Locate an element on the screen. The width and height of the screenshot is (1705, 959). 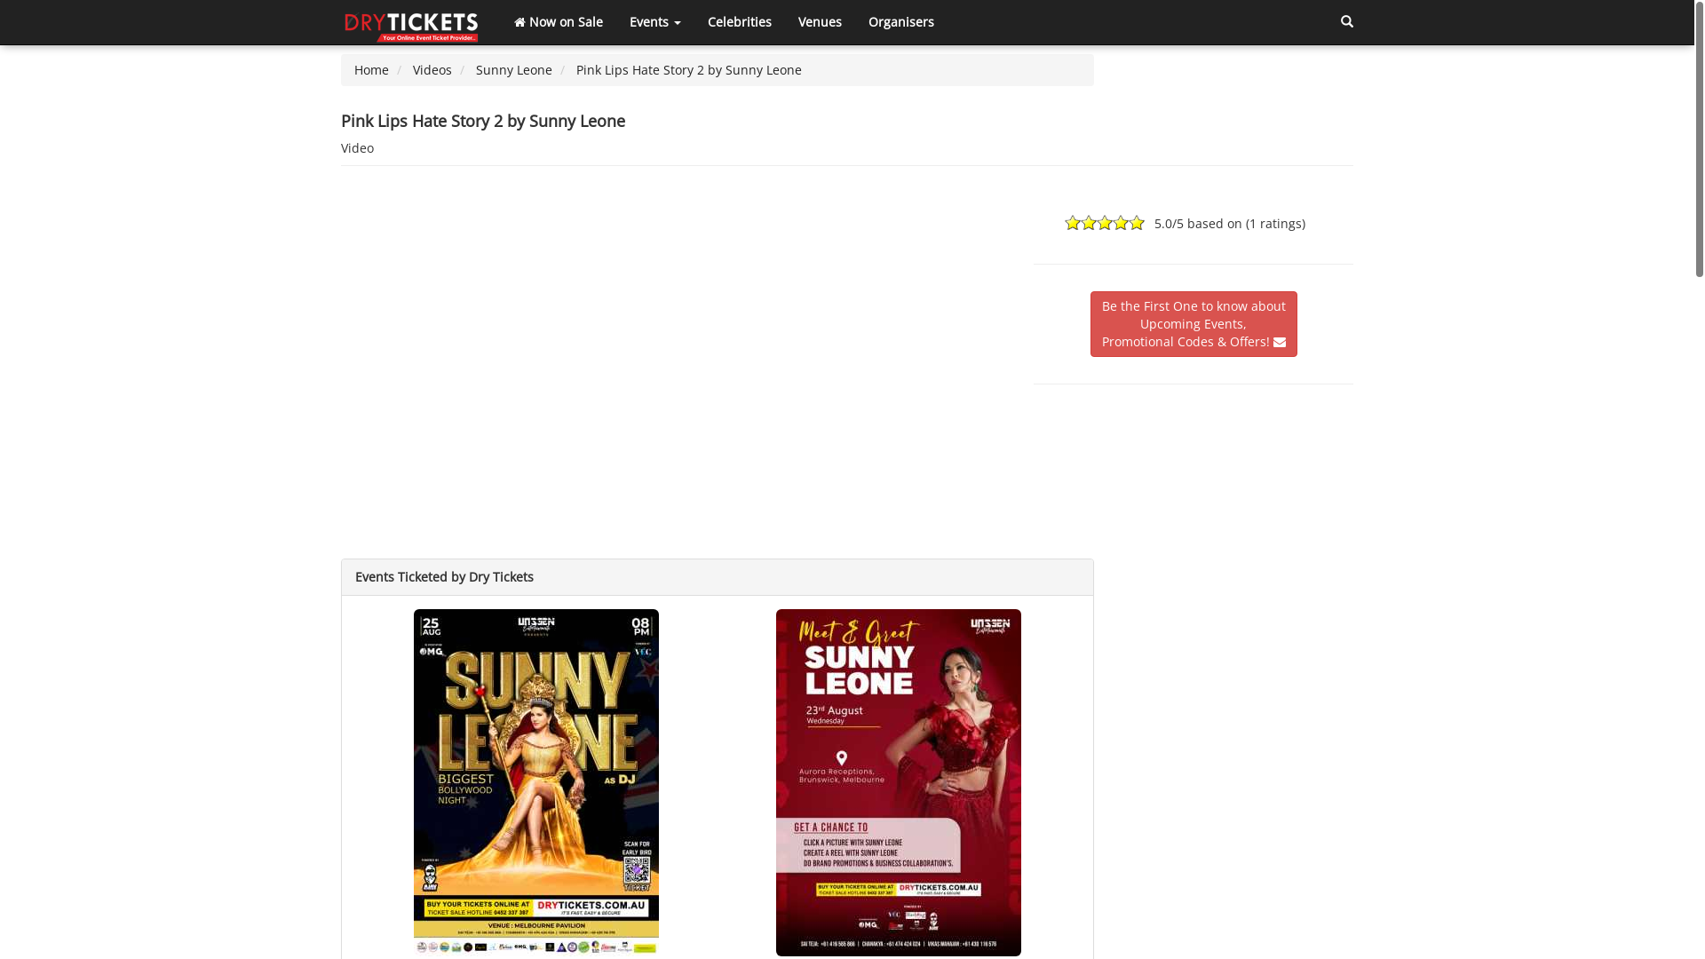
'Pink Lips Hate Story 2 by Sunny Leone' is located at coordinates (688, 68).